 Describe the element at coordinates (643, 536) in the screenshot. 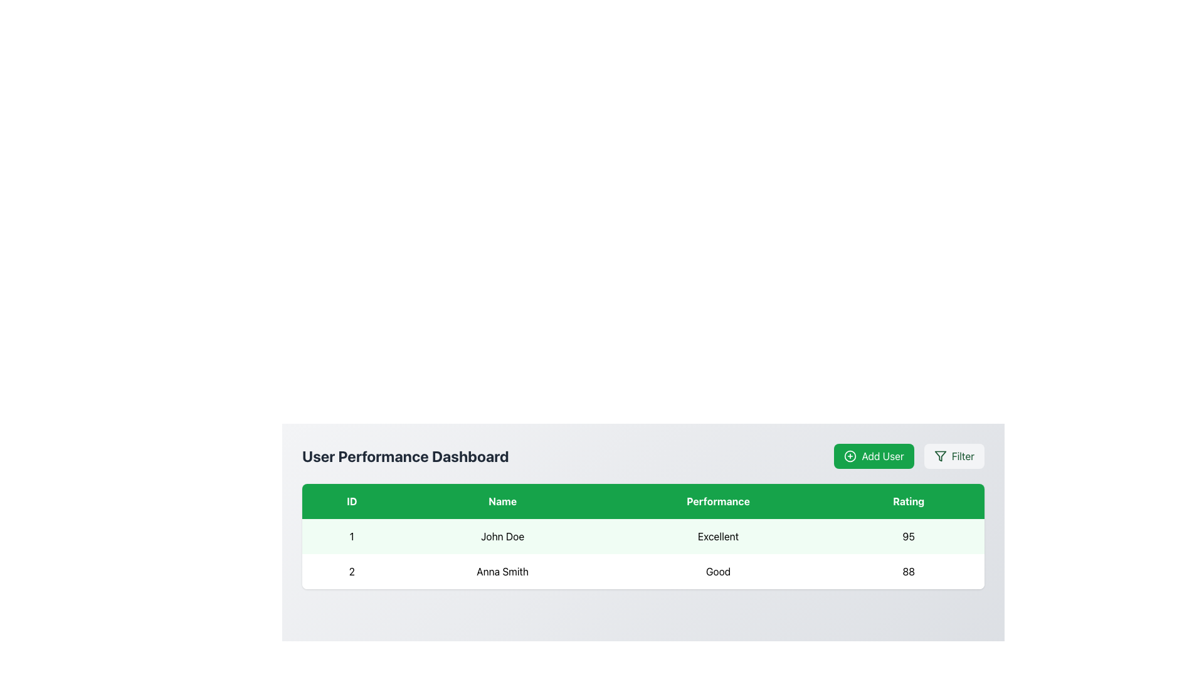

I see `the first row of the table containing 'John Doe' with a performance indicator of 'Excellent' and a rating of '95' for reordering` at that location.